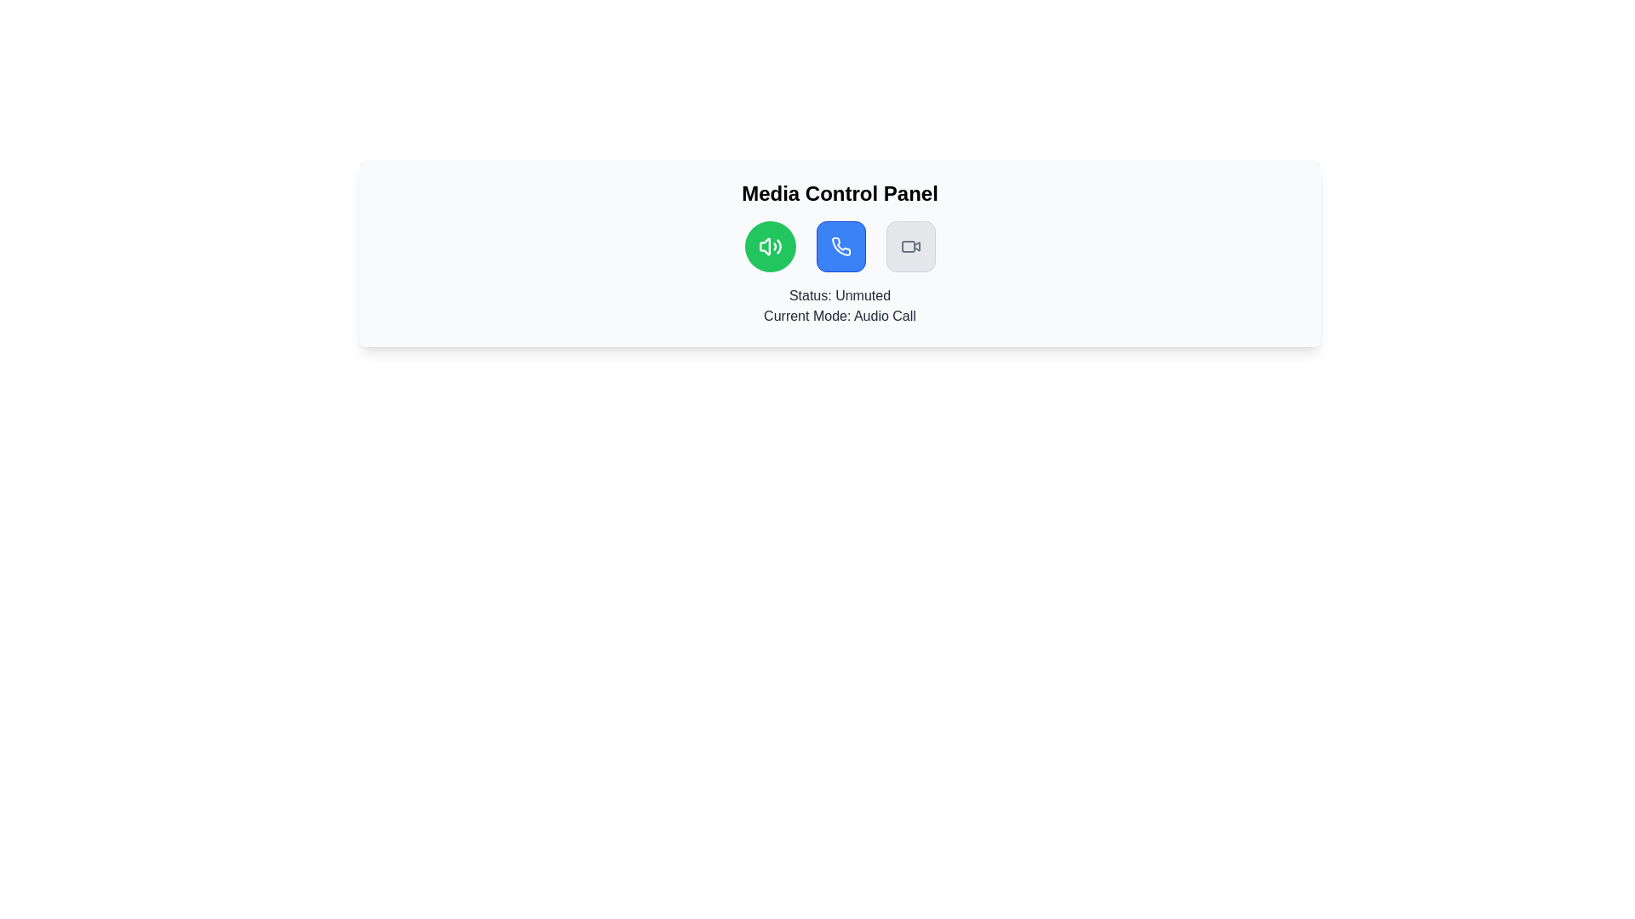 The height and width of the screenshot is (919, 1635). I want to click on the embedded visual component within the rightmost icon of the media control panel, so click(907, 246).